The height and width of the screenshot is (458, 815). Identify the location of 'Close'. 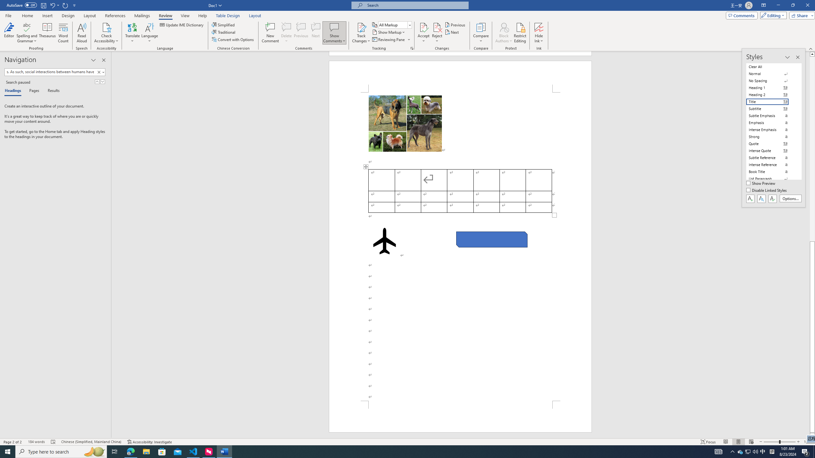
(807, 5).